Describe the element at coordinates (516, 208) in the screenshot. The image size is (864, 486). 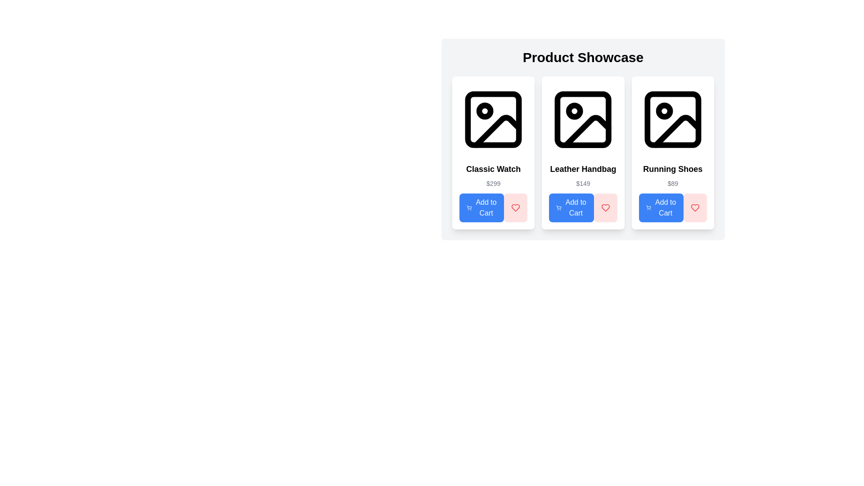
I see `the button with an embedded icon that allows adding 'Classic Watch' to the wishlist` at that location.